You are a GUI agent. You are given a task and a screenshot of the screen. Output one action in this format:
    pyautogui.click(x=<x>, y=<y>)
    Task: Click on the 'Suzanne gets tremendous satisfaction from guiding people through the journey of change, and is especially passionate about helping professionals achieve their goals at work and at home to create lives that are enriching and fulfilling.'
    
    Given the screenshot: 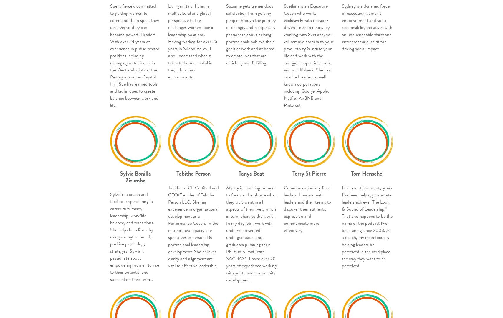 What is the action you would take?
    pyautogui.click(x=250, y=34)
    